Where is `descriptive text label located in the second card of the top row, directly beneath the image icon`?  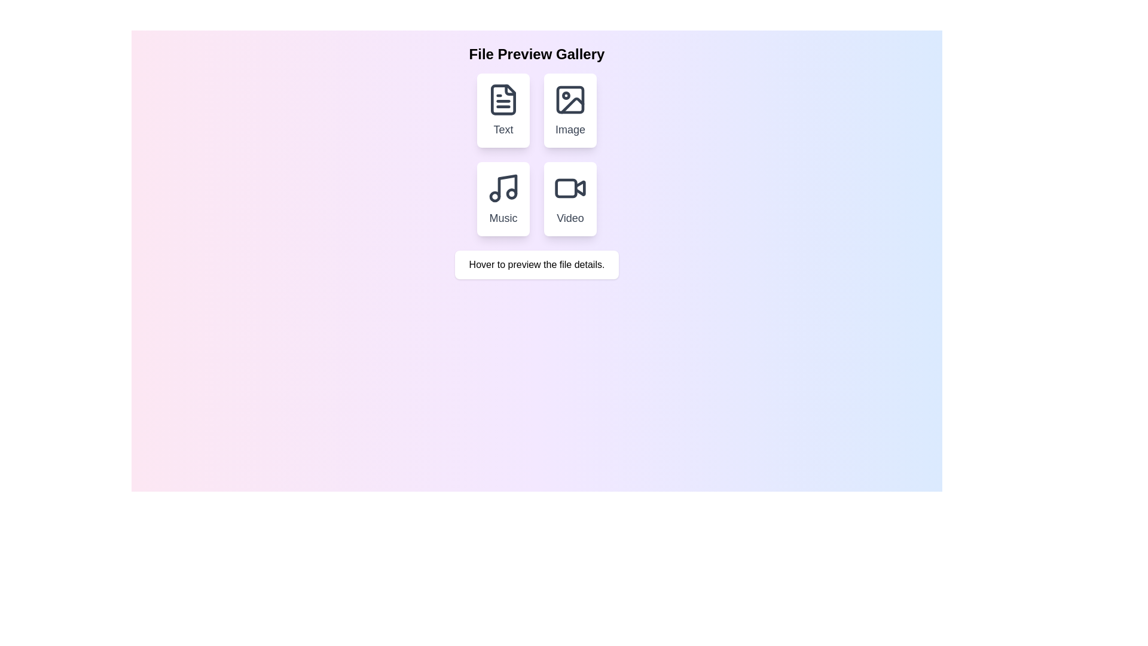
descriptive text label located in the second card of the top row, directly beneath the image icon is located at coordinates (570, 129).